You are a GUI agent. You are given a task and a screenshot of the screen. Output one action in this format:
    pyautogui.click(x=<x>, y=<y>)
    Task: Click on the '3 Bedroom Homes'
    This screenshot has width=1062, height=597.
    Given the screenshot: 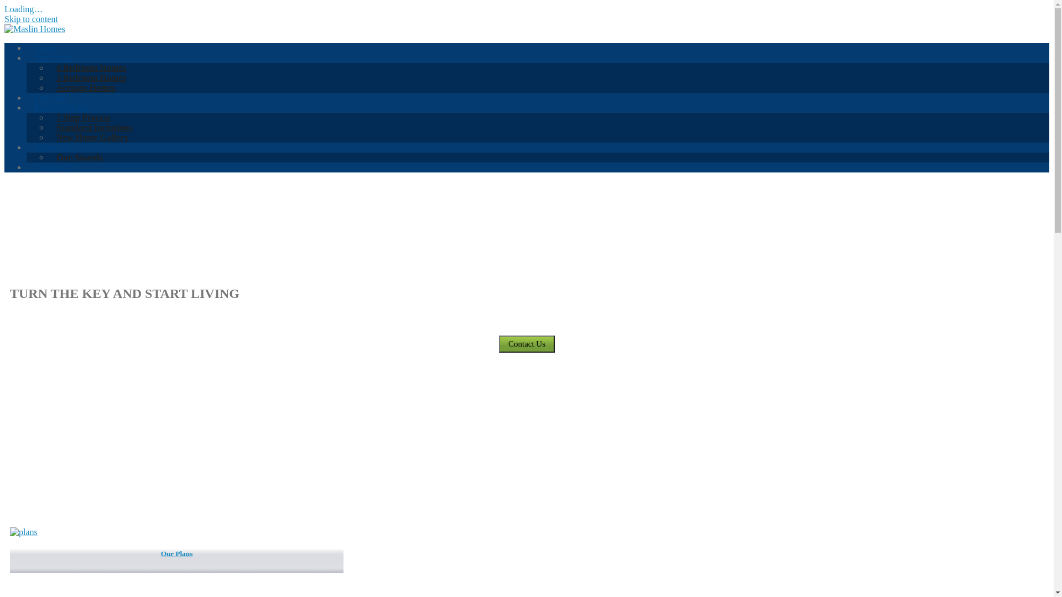 What is the action you would take?
    pyautogui.click(x=91, y=77)
    